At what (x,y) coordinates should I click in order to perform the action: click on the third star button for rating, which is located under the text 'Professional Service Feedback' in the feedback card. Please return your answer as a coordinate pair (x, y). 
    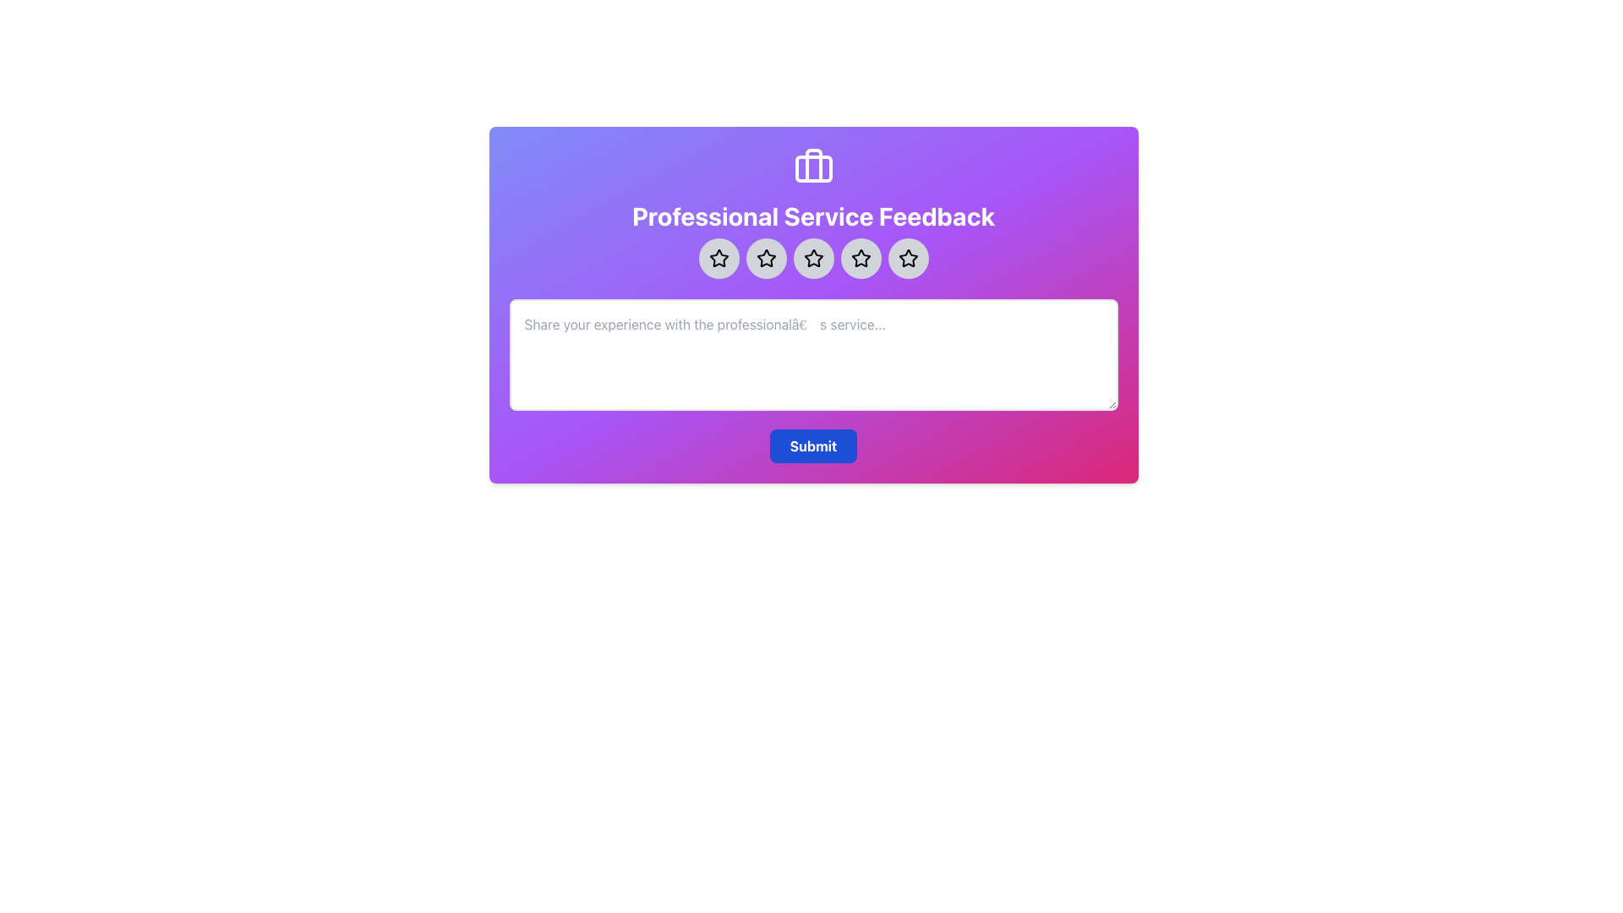
    Looking at the image, I should click on (813, 258).